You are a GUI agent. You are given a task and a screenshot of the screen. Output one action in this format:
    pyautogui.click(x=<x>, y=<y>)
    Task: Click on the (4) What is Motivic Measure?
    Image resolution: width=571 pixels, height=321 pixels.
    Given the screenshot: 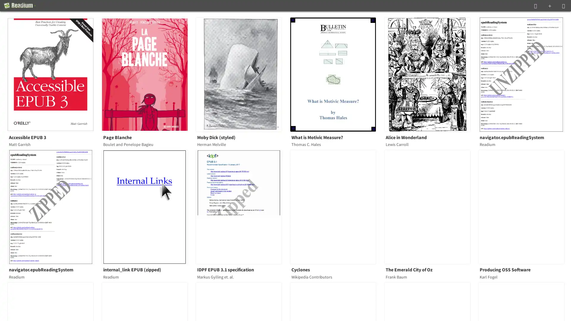 What is the action you would take?
    pyautogui.click(x=337, y=74)
    